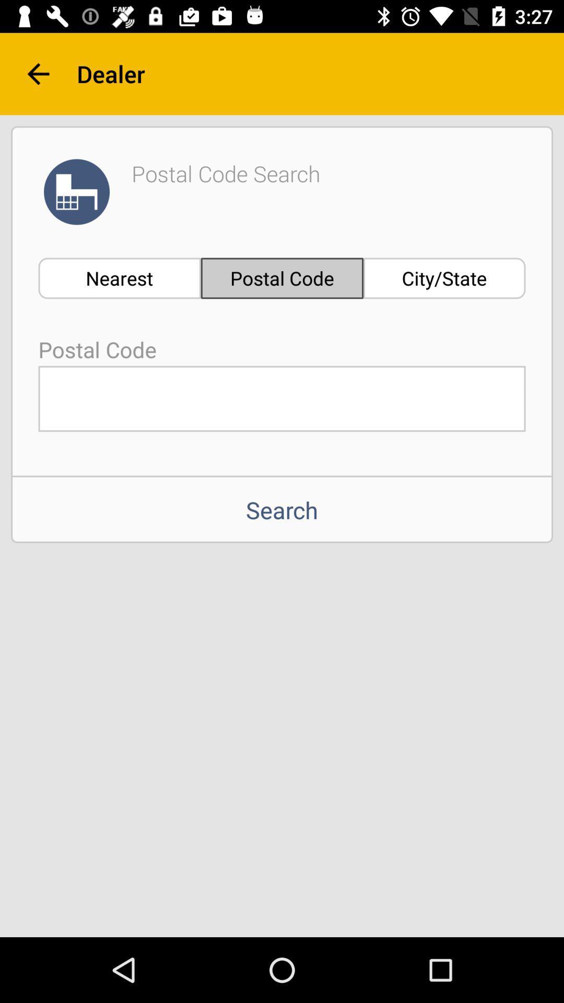 This screenshot has height=1003, width=564. I want to click on item next to the dealer item, so click(38, 73).